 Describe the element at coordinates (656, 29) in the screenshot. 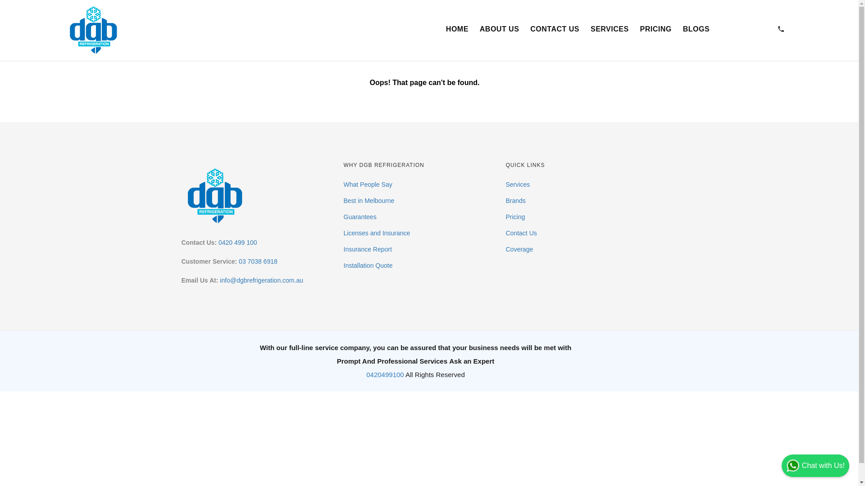

I see `'PRICING'` at that location.